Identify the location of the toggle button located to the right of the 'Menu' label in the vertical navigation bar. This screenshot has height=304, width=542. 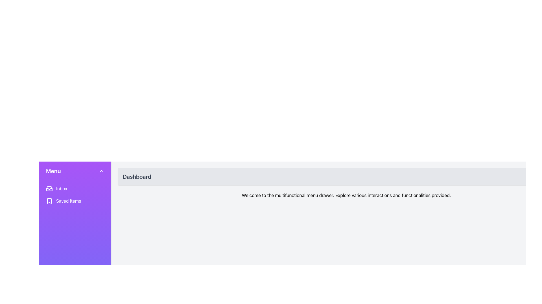
(102, 171).